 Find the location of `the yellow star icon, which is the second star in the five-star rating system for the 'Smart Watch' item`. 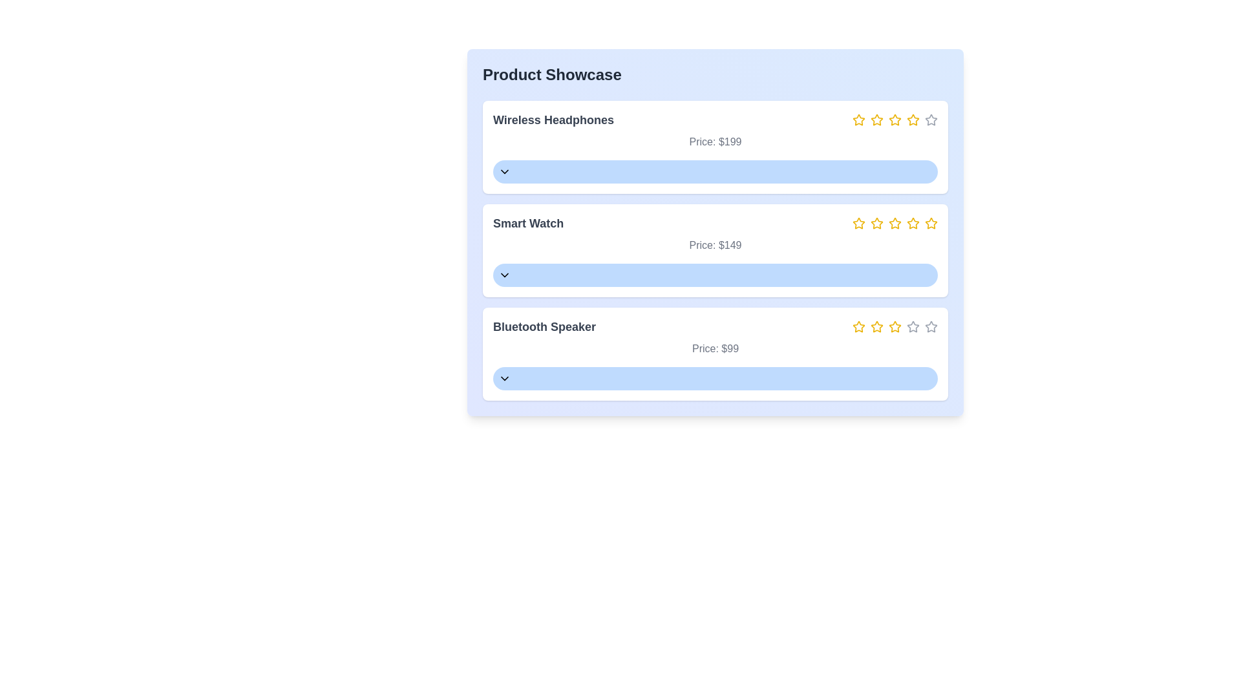

the yellow star icon, which is the second star in the five-star rating system for the 'Smart Watch' item is located at coordinates (859, 223).